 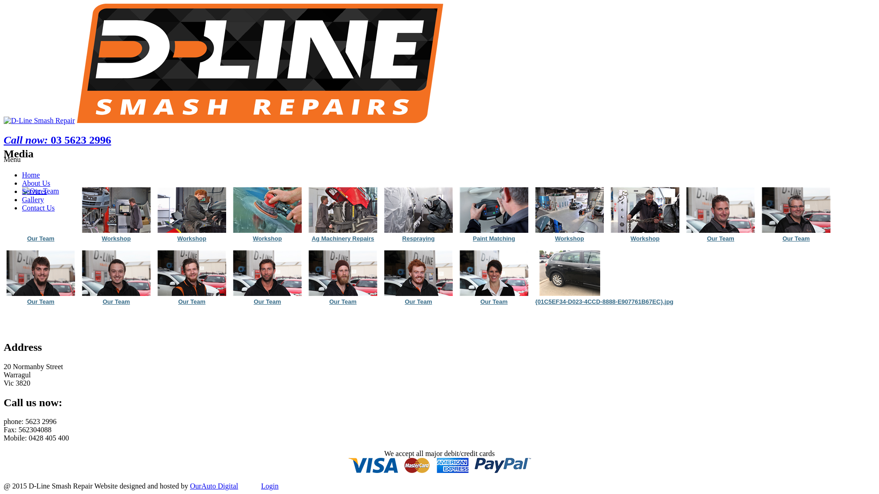 What do you see at coordinates (269, 485) in the screenshot?
I see `'Login'` at bounding box center [269, 485].